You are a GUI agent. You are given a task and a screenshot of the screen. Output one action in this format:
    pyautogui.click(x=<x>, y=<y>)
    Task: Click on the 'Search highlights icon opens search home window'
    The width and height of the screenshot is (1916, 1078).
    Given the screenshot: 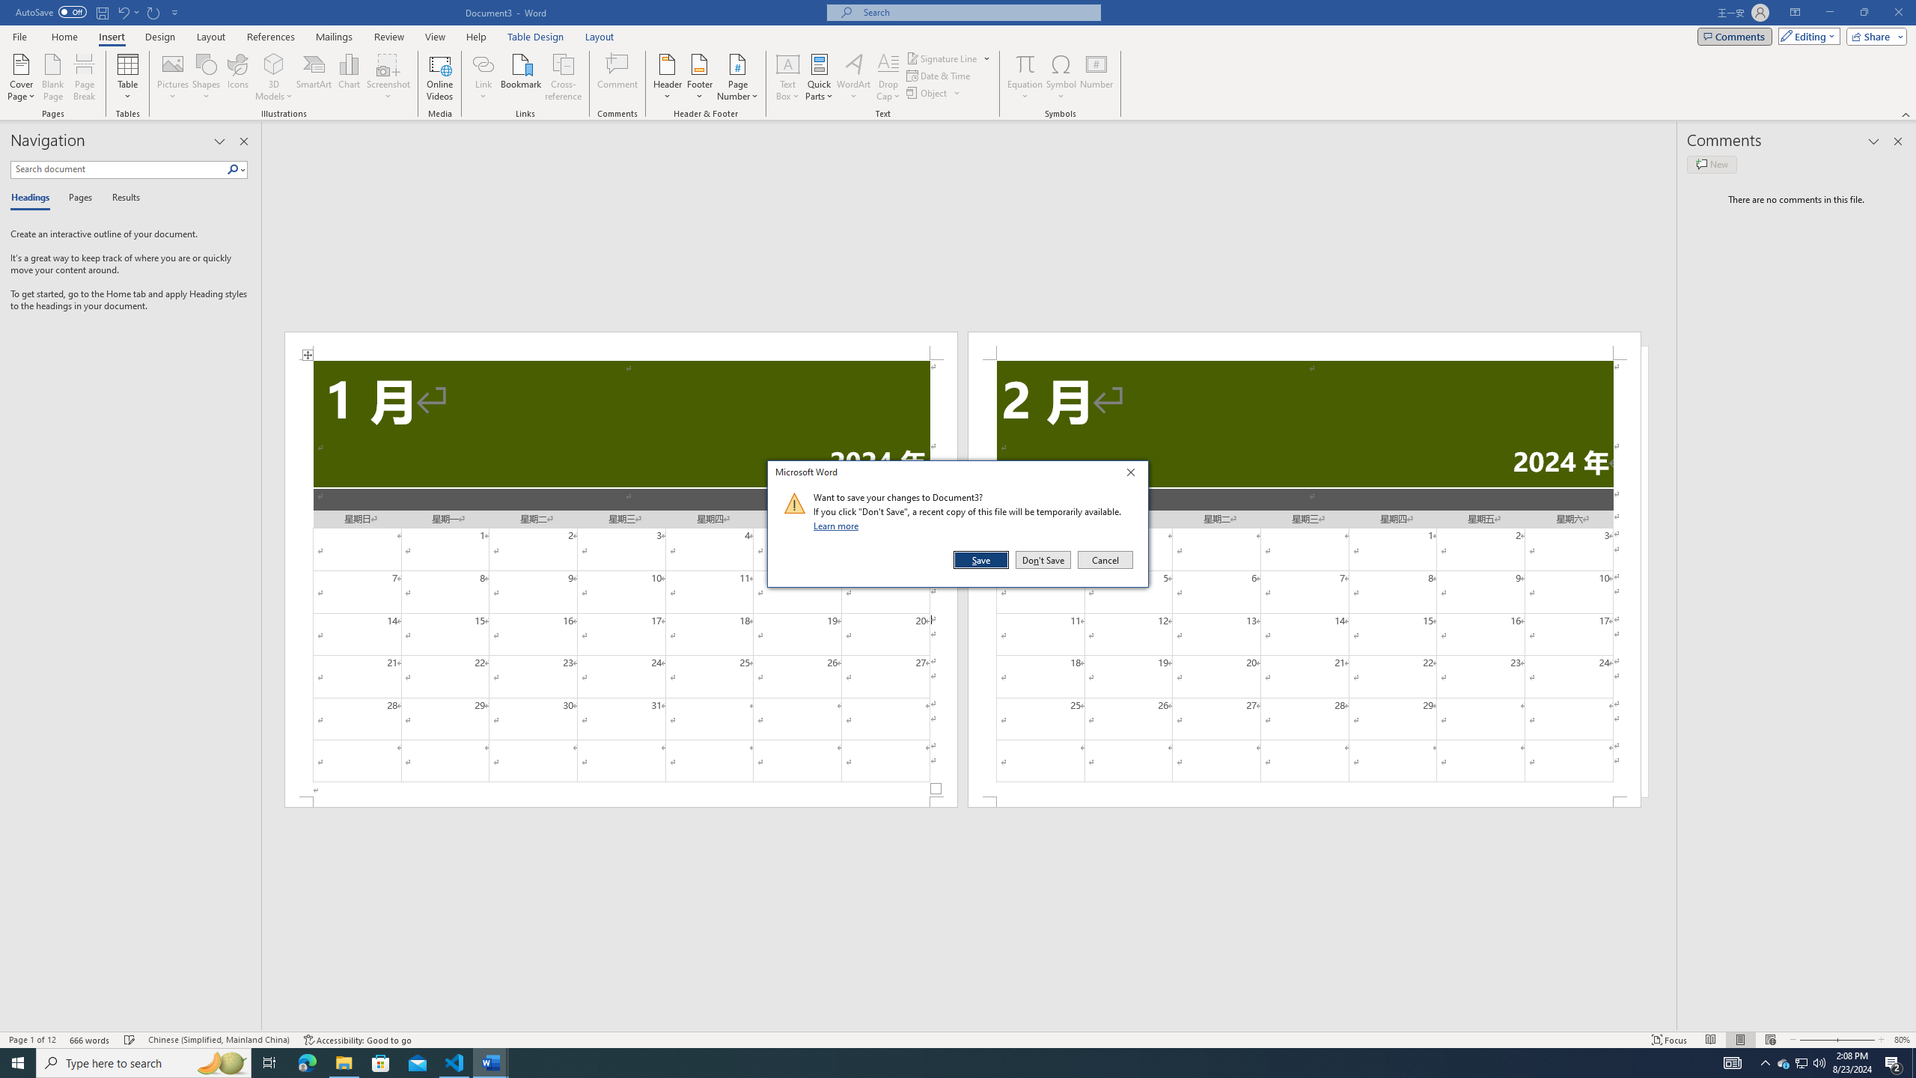 What is the action you would take?
    pyautogui.click(x=220, y=1062)
    